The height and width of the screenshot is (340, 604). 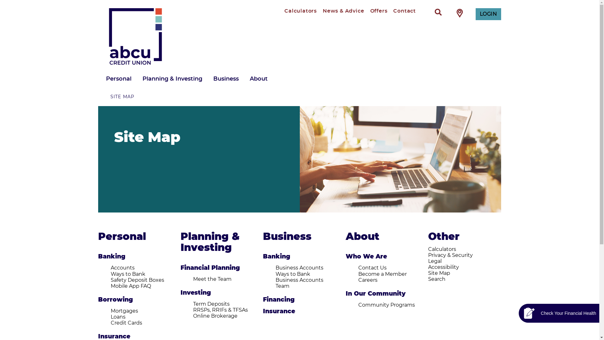 I want to click on 'Term Deposits', so click(x=211, y=303).